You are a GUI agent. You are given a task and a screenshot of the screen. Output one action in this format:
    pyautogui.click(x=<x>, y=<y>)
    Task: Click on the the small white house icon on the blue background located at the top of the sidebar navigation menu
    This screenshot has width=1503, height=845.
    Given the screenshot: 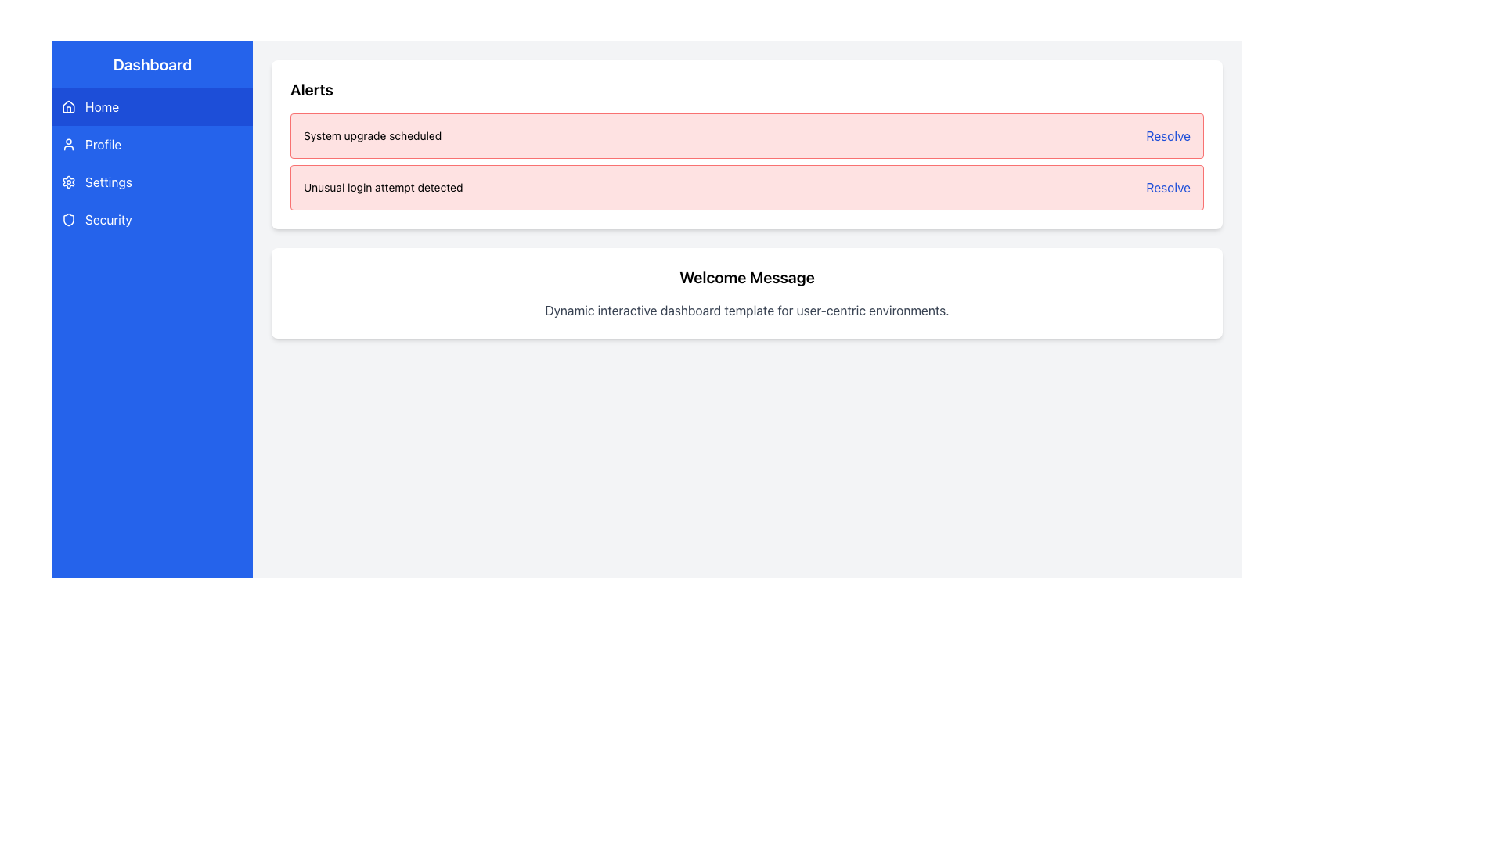 What is the action you would take?
    pyautogui.click(x=67, y=106)
    